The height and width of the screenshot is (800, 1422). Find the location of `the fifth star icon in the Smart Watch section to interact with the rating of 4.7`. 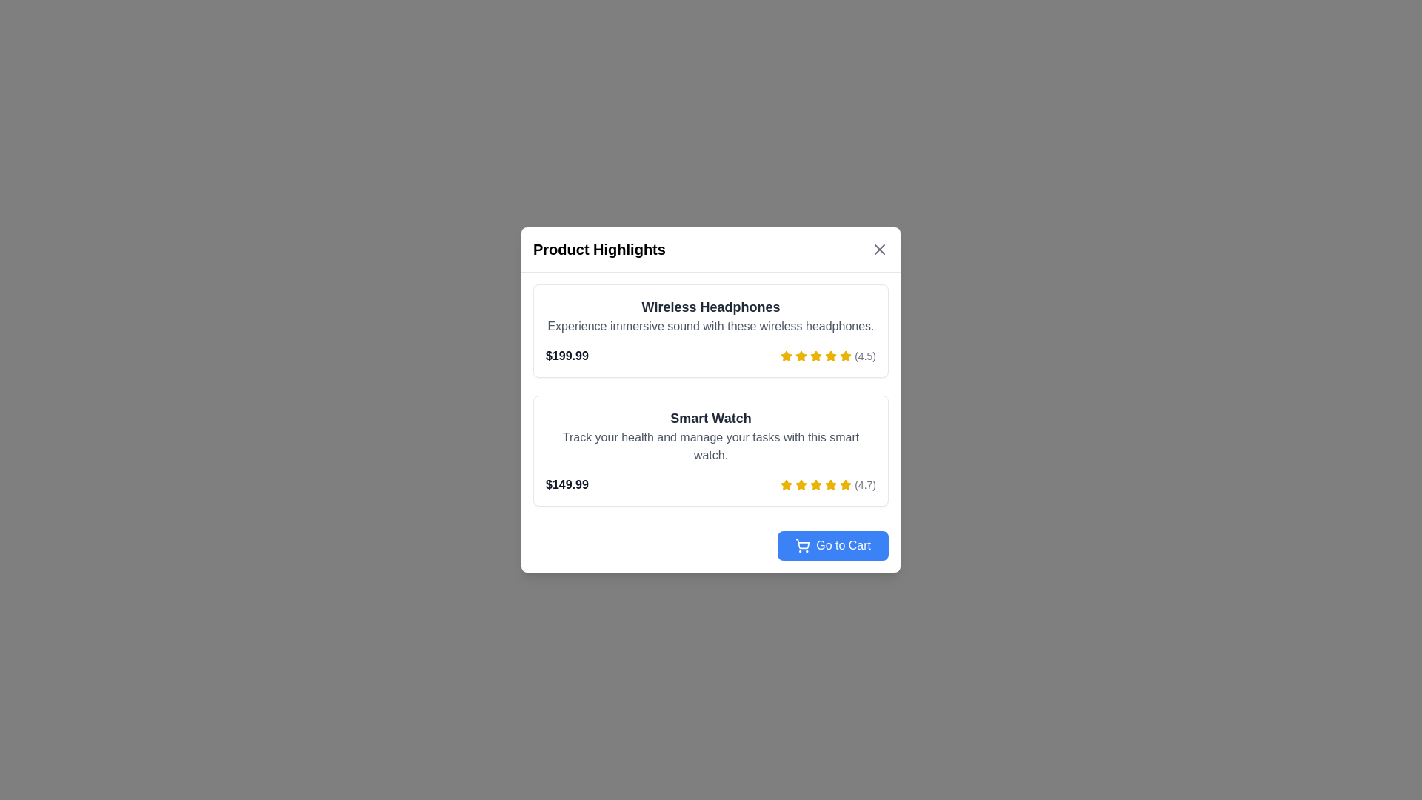

the fifth star icon in the Smart Watch section to interact with the rating of 4.7 is located at coordinates (846, 484).